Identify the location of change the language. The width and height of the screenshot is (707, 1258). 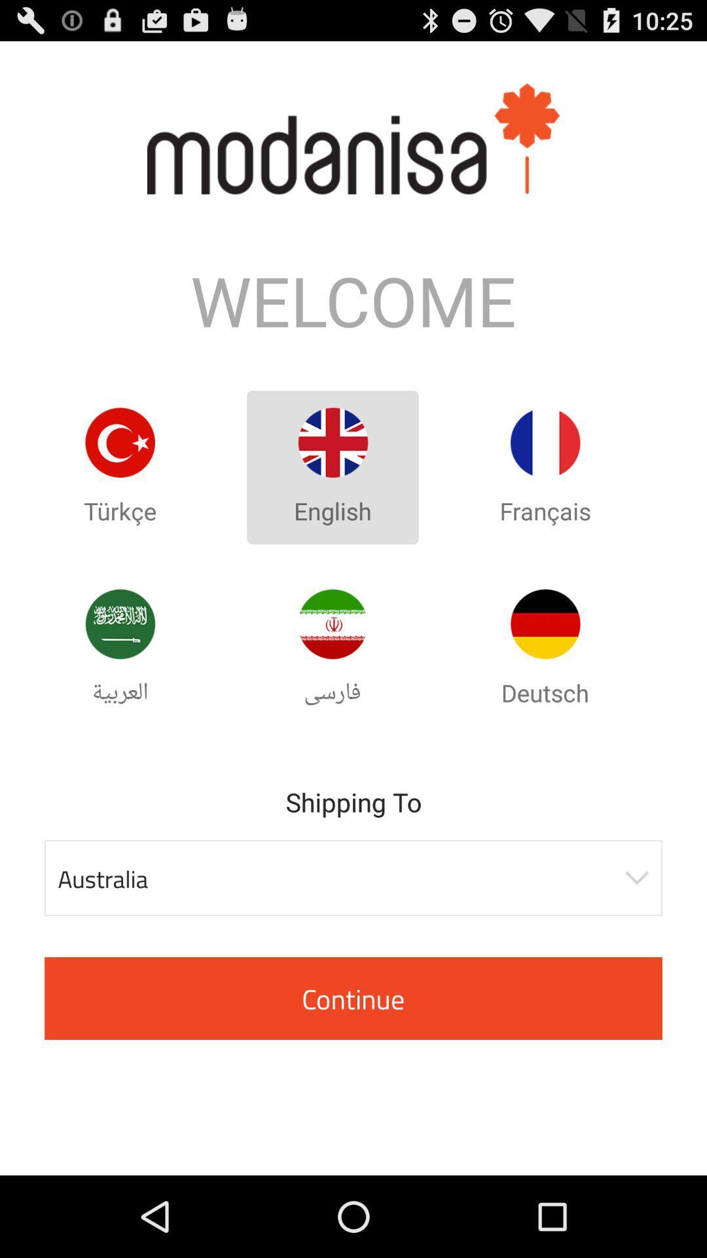
(545, 623).